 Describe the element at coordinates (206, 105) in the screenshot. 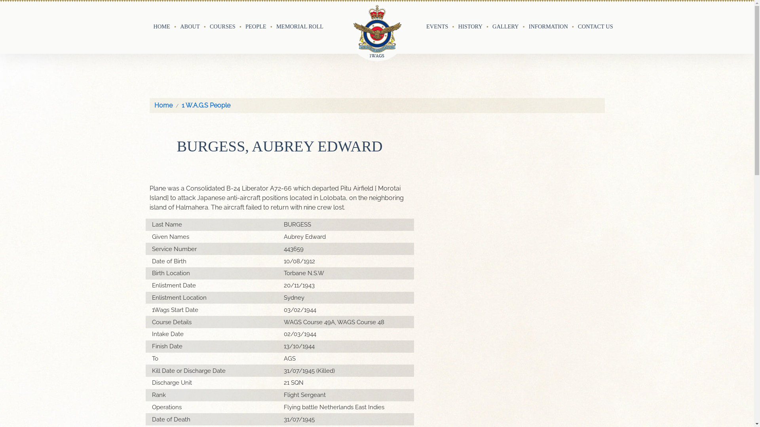

I see `'1 W.A.G.S People'` at that location.